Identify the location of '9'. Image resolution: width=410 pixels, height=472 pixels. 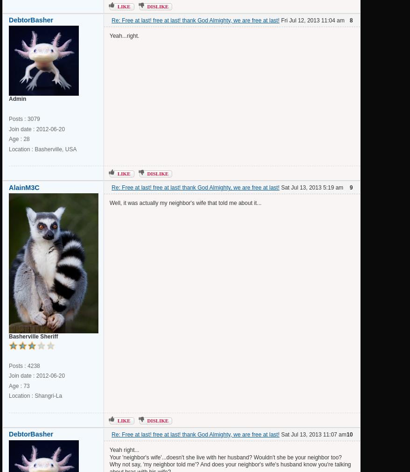
(350, 187).